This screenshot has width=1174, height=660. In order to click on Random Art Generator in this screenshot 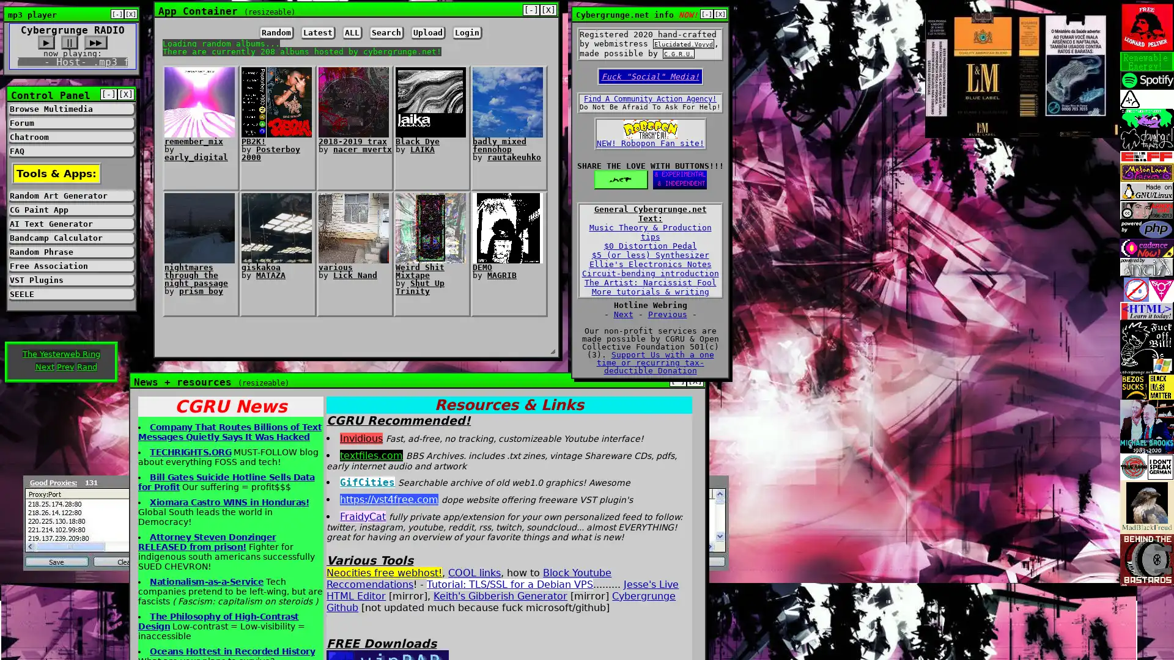, I will do `click(70, 195)`.